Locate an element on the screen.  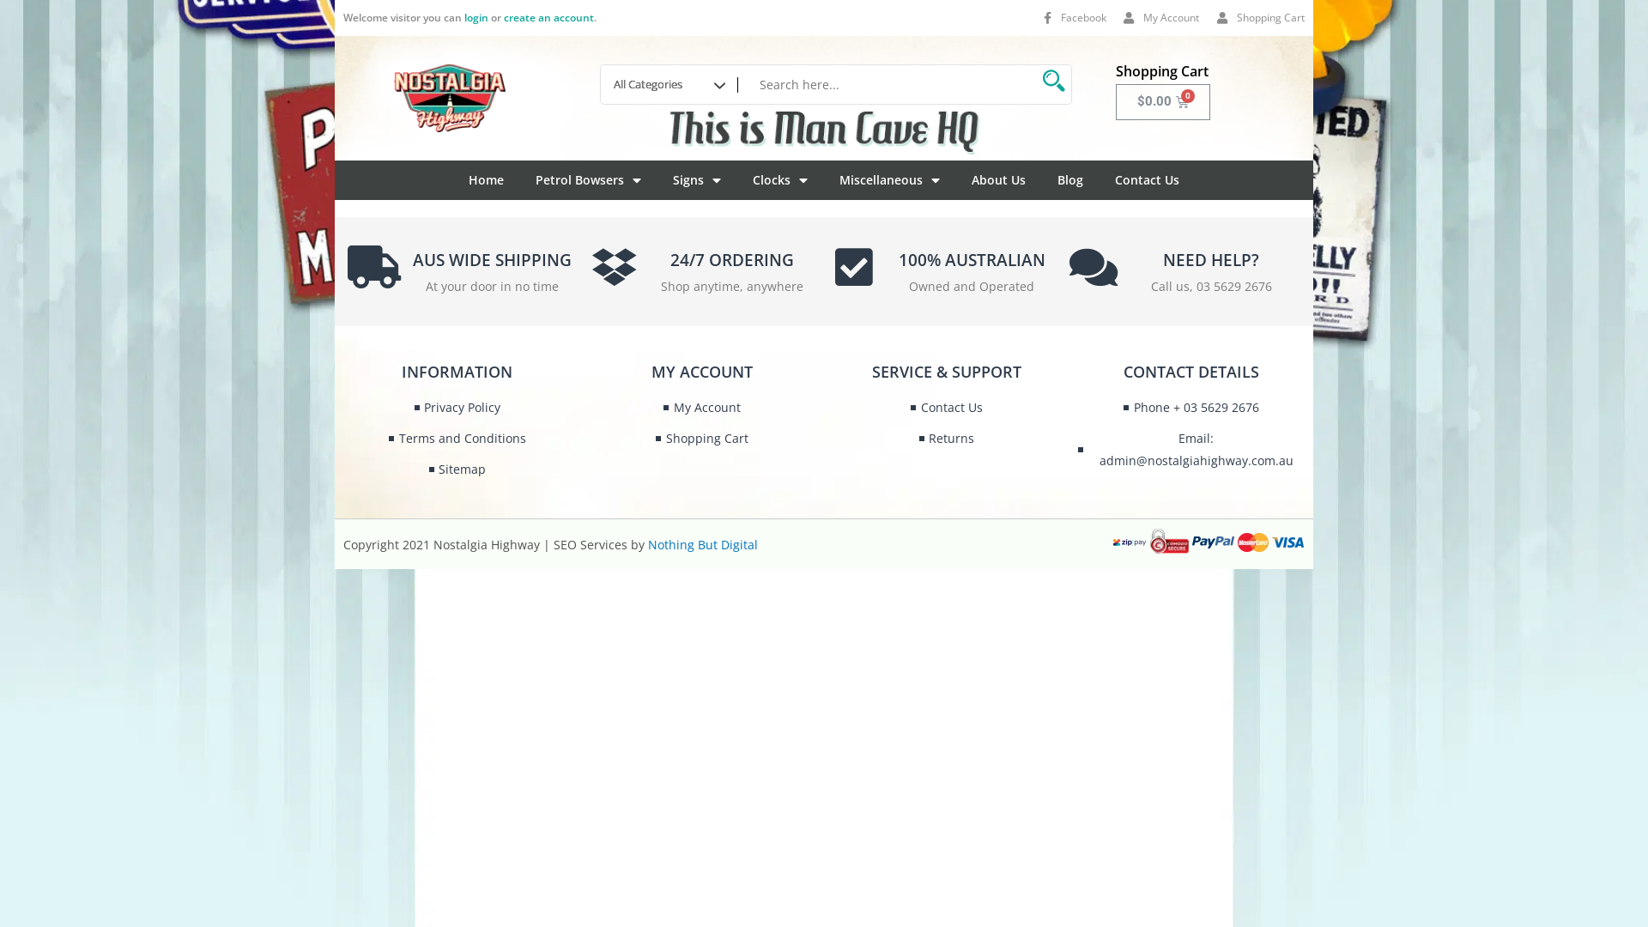
'$0.00' is located at coordinates (1162, 102).